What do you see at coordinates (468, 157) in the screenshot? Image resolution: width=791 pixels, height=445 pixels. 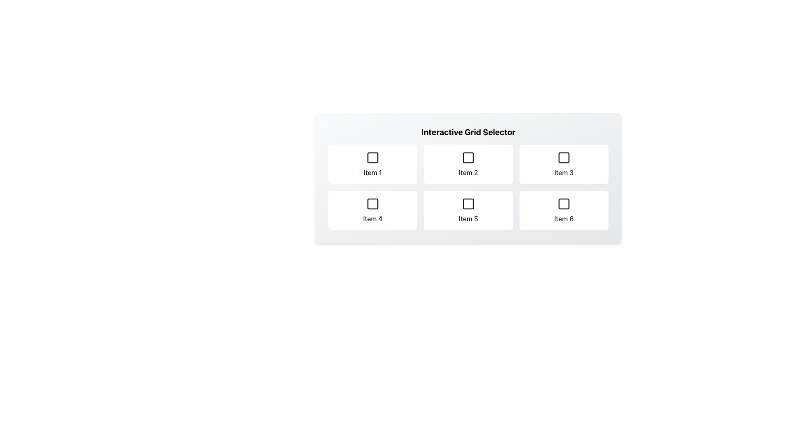 I see `the decorative or state indicator for 'Item 2' located in the 'Interactive Grid Selector', positioned in the top row, middle column` at bounding box center [468, 157].